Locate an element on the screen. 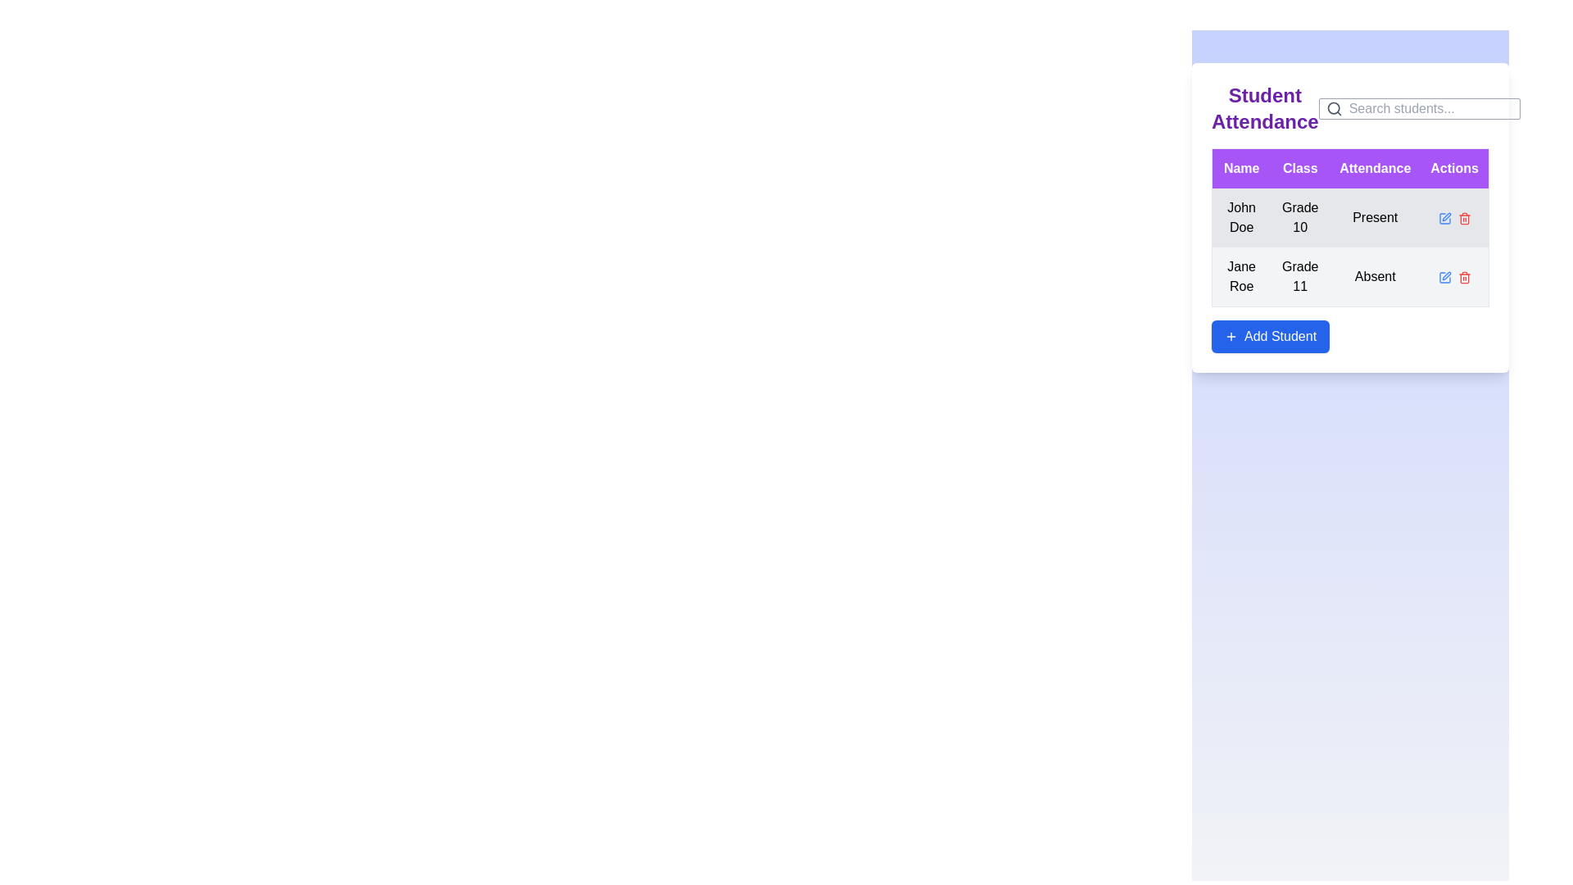  the small blue icon resembling a pen in the 'Actions' column of the second row in the 'Student Attendance' table, which is used for editing functionality is located at coordinates (1444, 276).